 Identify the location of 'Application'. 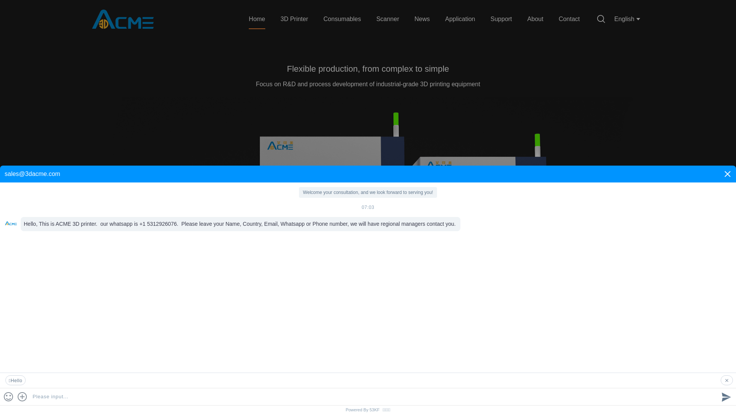
(437, 19).